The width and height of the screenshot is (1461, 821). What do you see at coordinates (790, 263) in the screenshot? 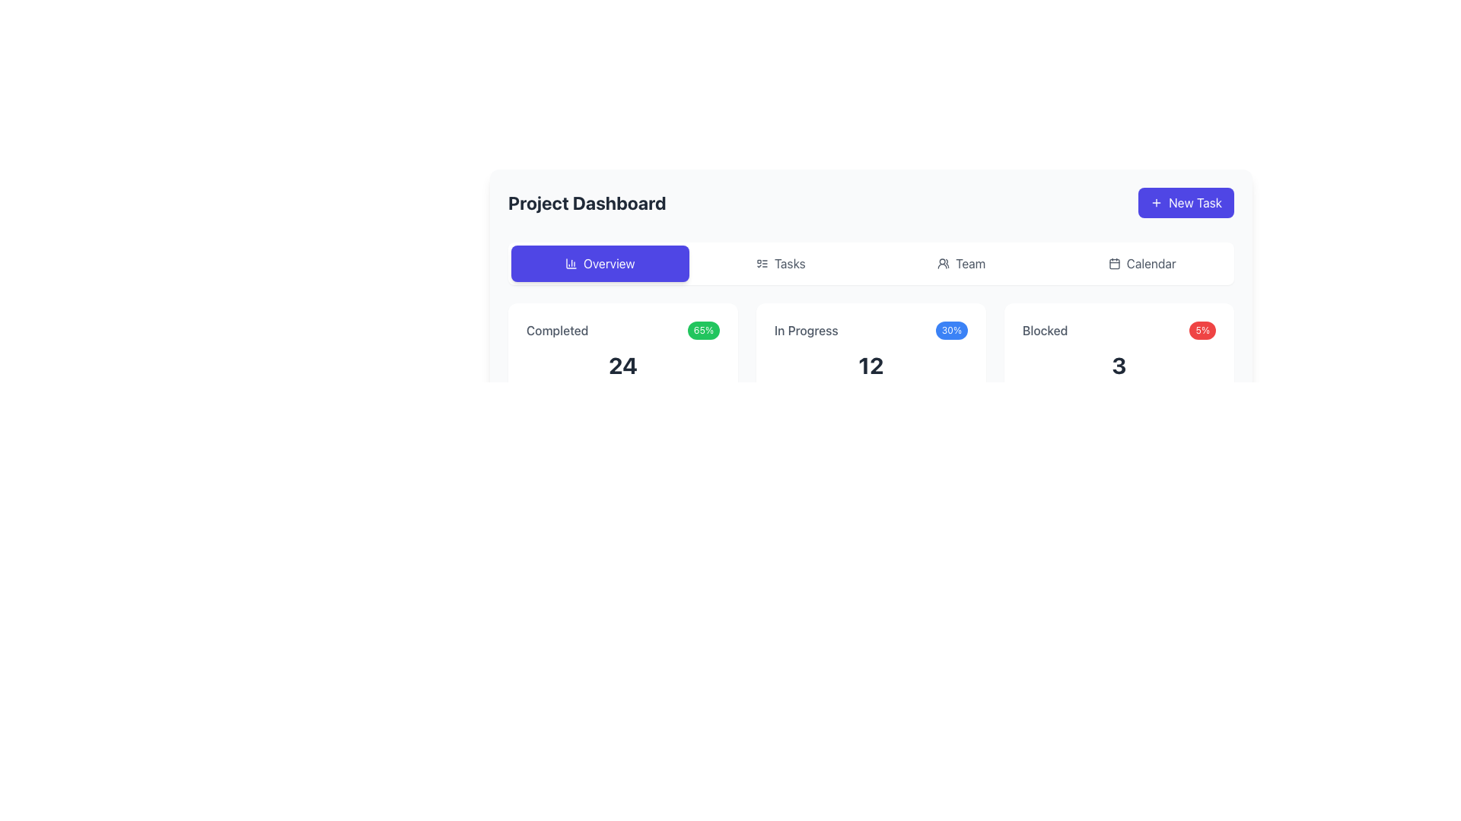
I see `the text label in the top navigation bar that indicates task management or tracking, located between the 'Overview' and 'Team' buttons` at bounding box center [790, 263].